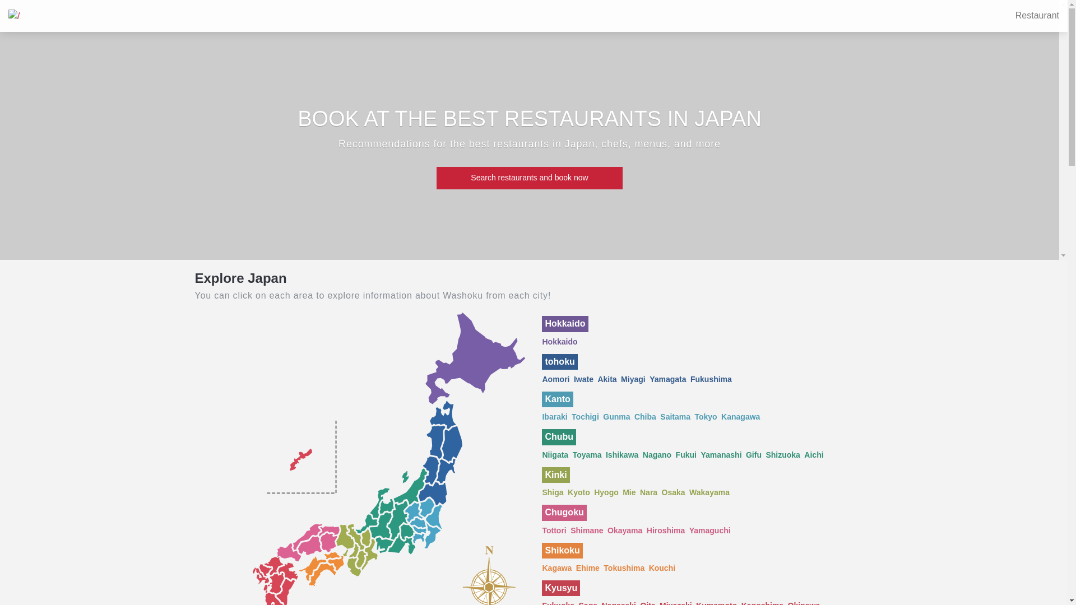 This screenshot has width=1076, height=605. Describe the element at coordinates (1029, 15) in the screenshot. I see `'Restaurant'` at that location.